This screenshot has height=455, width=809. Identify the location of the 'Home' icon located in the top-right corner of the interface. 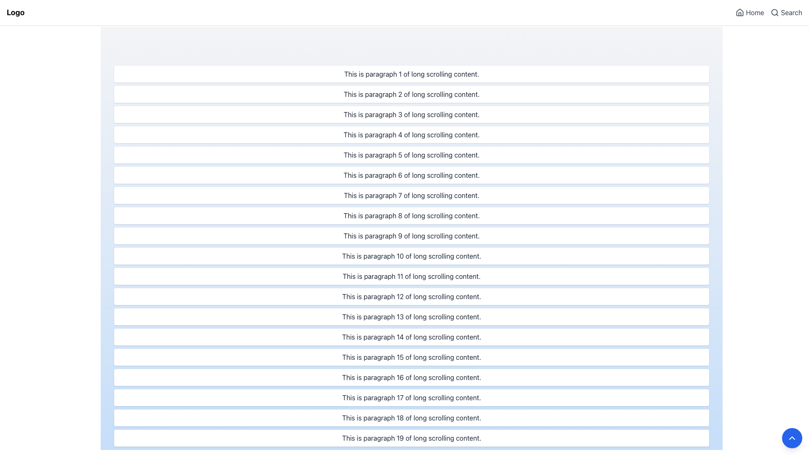
(739, 13).